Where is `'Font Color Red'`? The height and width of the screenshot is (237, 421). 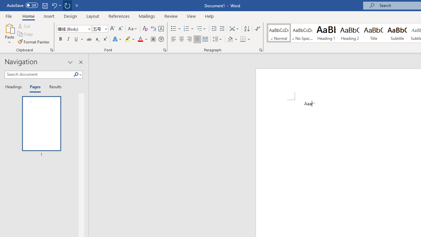
'Font Color Red' is located at coordinates (140, 39).